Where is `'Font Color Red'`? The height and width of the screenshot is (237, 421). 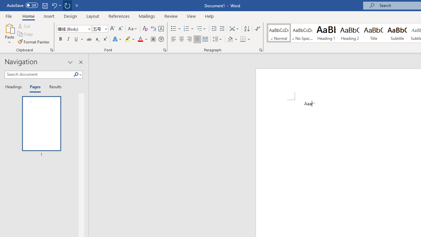
'Font Color Red' is located at coordinates (140, 39).